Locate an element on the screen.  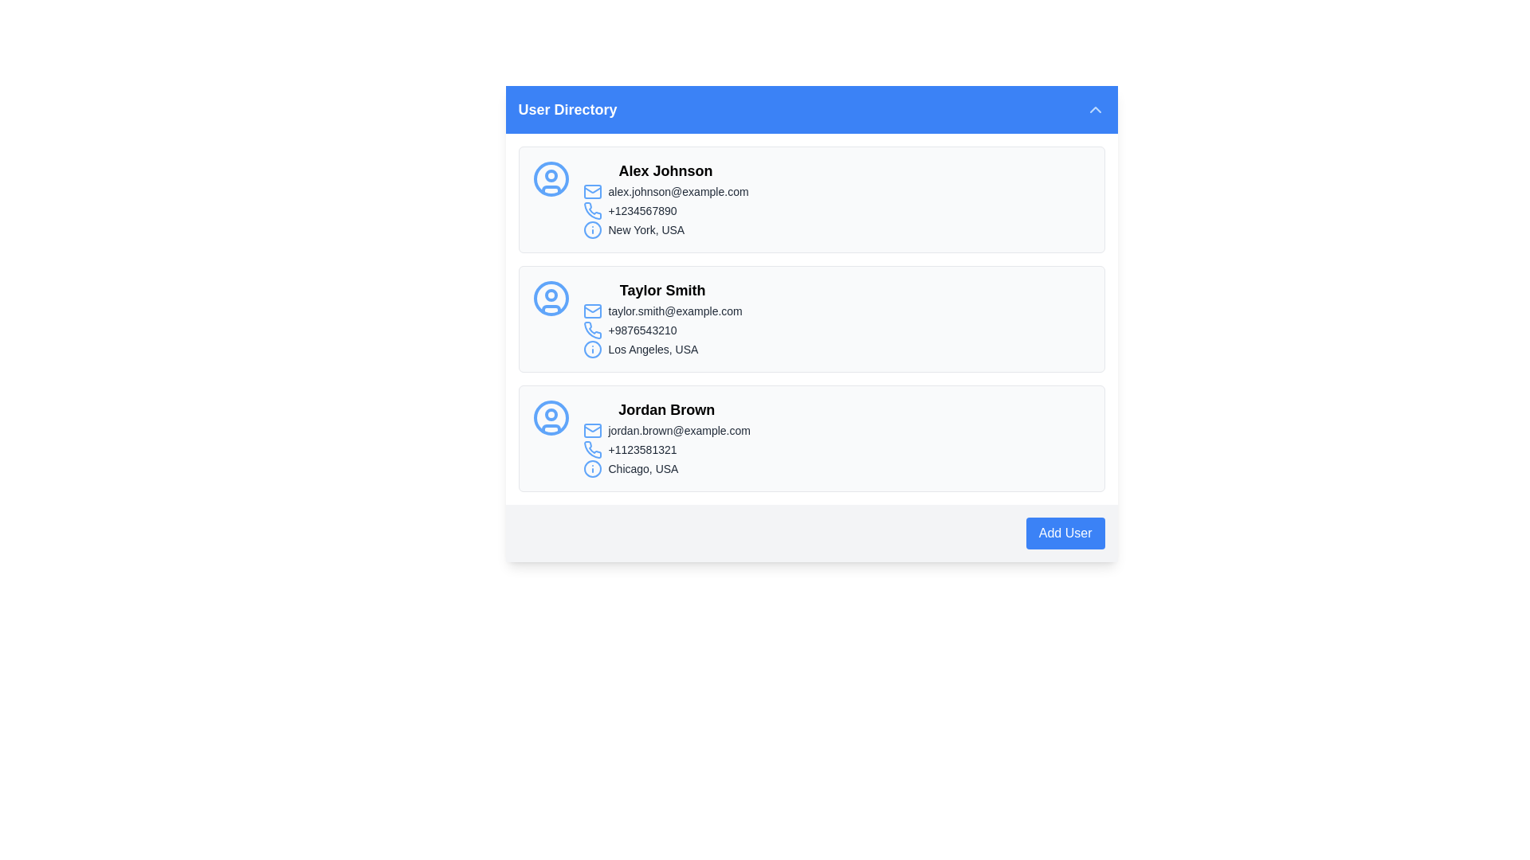
the small circular icon within the larger user profile icon representing 'Alex Johnson' in the User Directory is located at coordinates (551, 175).